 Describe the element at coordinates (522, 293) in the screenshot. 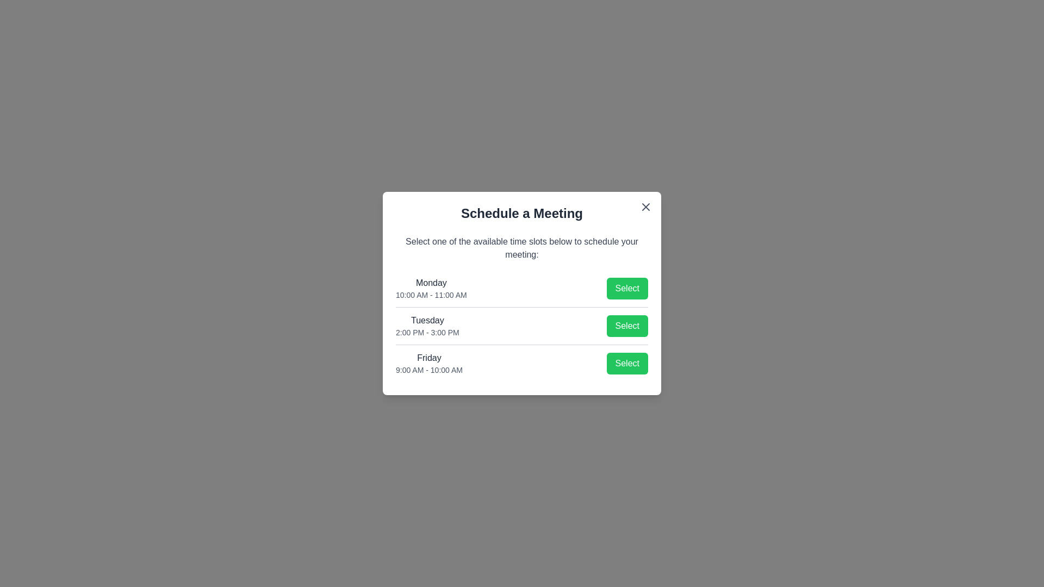

I see `the background of the dialog to focus on it` at that location.